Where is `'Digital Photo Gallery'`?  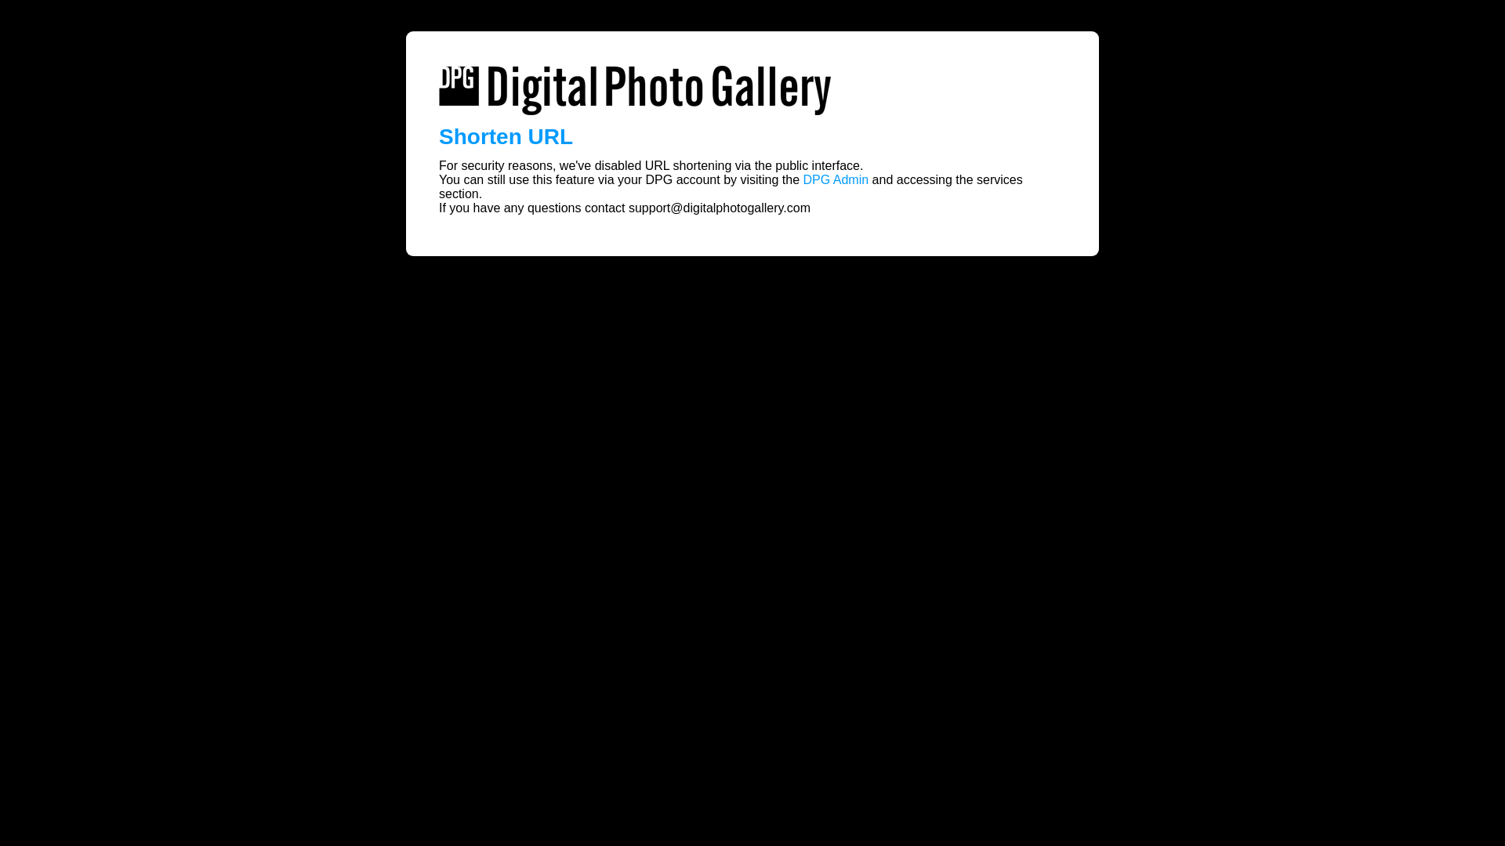
'Digital Photo Gallery' is located at coordinates (635, 90).